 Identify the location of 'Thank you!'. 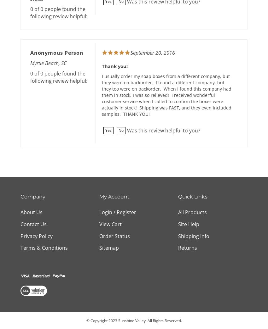
(114, 66).